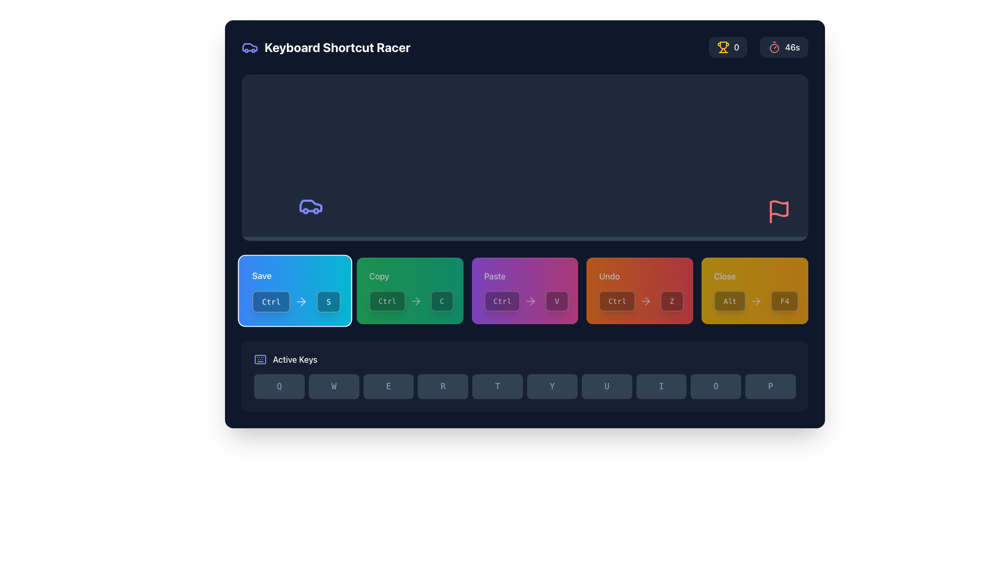  Describe the element at coordinates (261, 275) in the screenshot. I see `text 'Save' displayed in the white font within the blue button, which is the first in a series of horizontal buttons at the bottom of the interface` at that location.